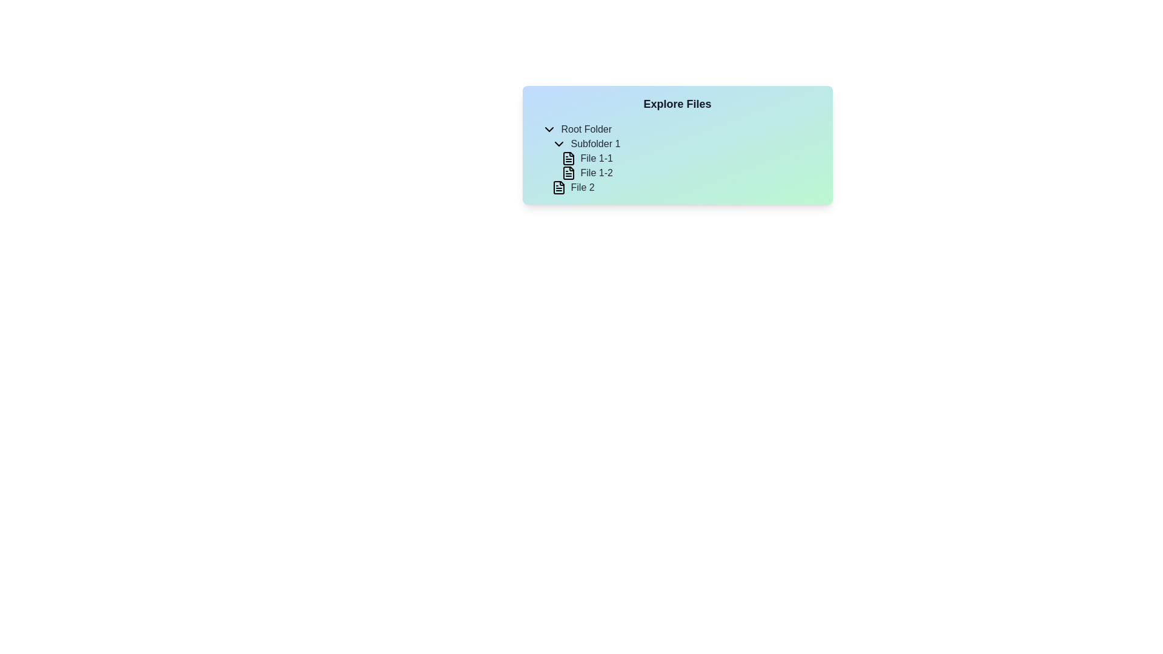  What do you see at coordinates (597, 158) in the screenshot?
I see `the content of the text label reading 'File 1-1', which is styled in gray and positioned under the 'Subfolder 1' category in the 'Explore Files' section` at bounding box center [597, 158].